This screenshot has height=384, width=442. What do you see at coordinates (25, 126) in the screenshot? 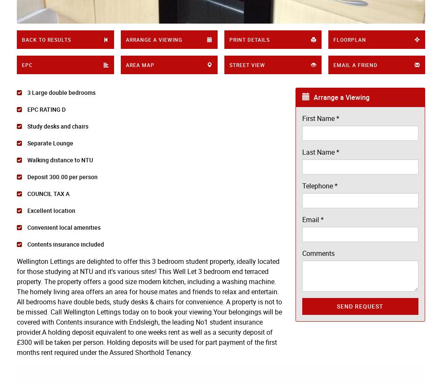
I see `'Study desks and chairs'` at bounding box center [25, 126].